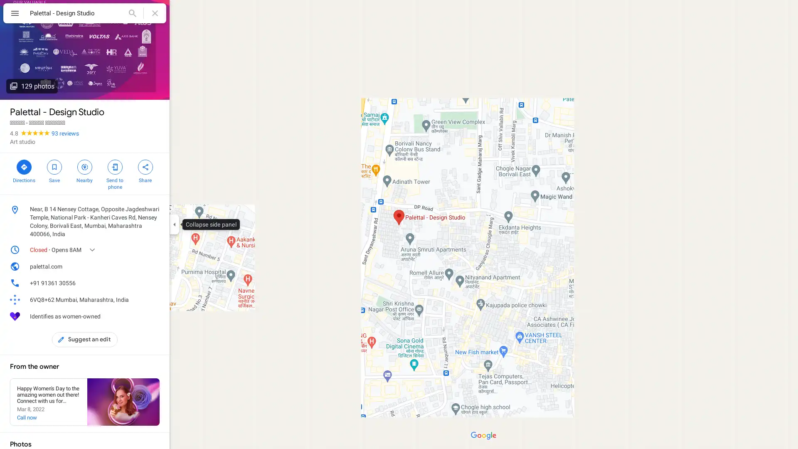  I want to click on Call phone number, so click(155, 283).